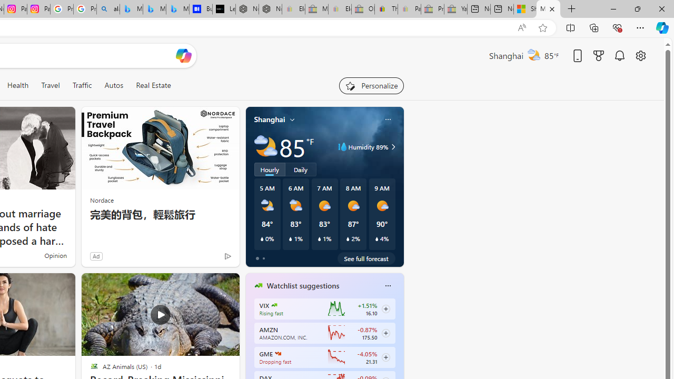 The image size is (674, 379). What do you see at coordinates (391, 147) in the screenshot?
I see `'Humidity 89%'` at bounding box center [391, 147].